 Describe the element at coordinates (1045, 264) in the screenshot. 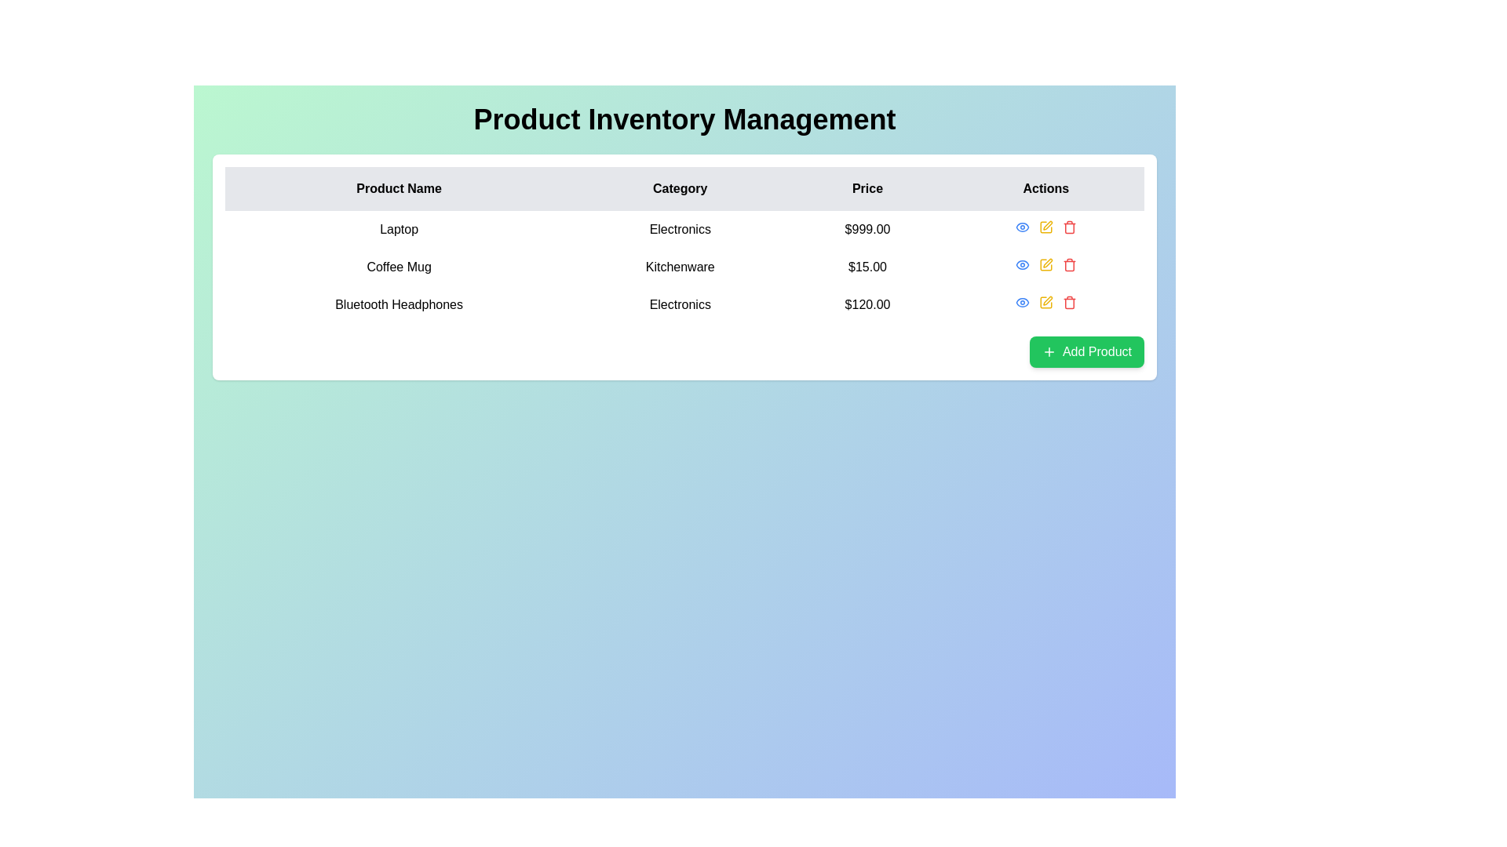

I see `the yellow pencil icon in the Actions column` at that location.